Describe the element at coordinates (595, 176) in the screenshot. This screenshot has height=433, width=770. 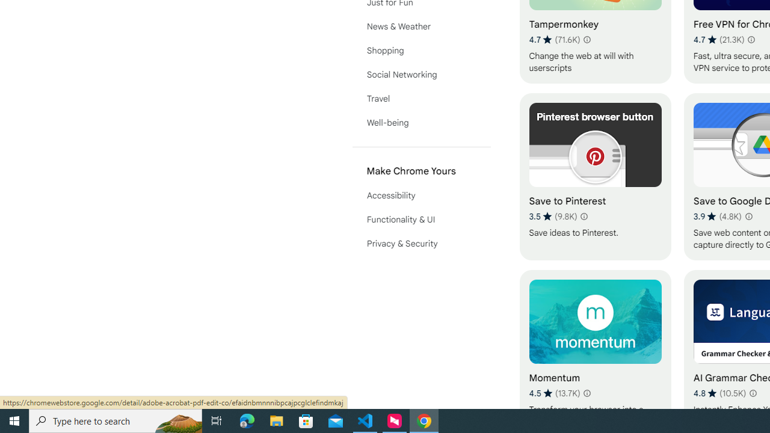
I see `'Save to Pinterest'` at that location.